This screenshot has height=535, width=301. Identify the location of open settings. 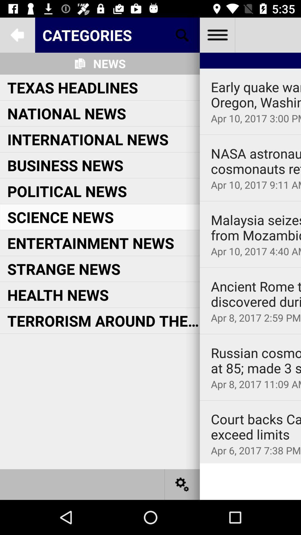
(182, 484).